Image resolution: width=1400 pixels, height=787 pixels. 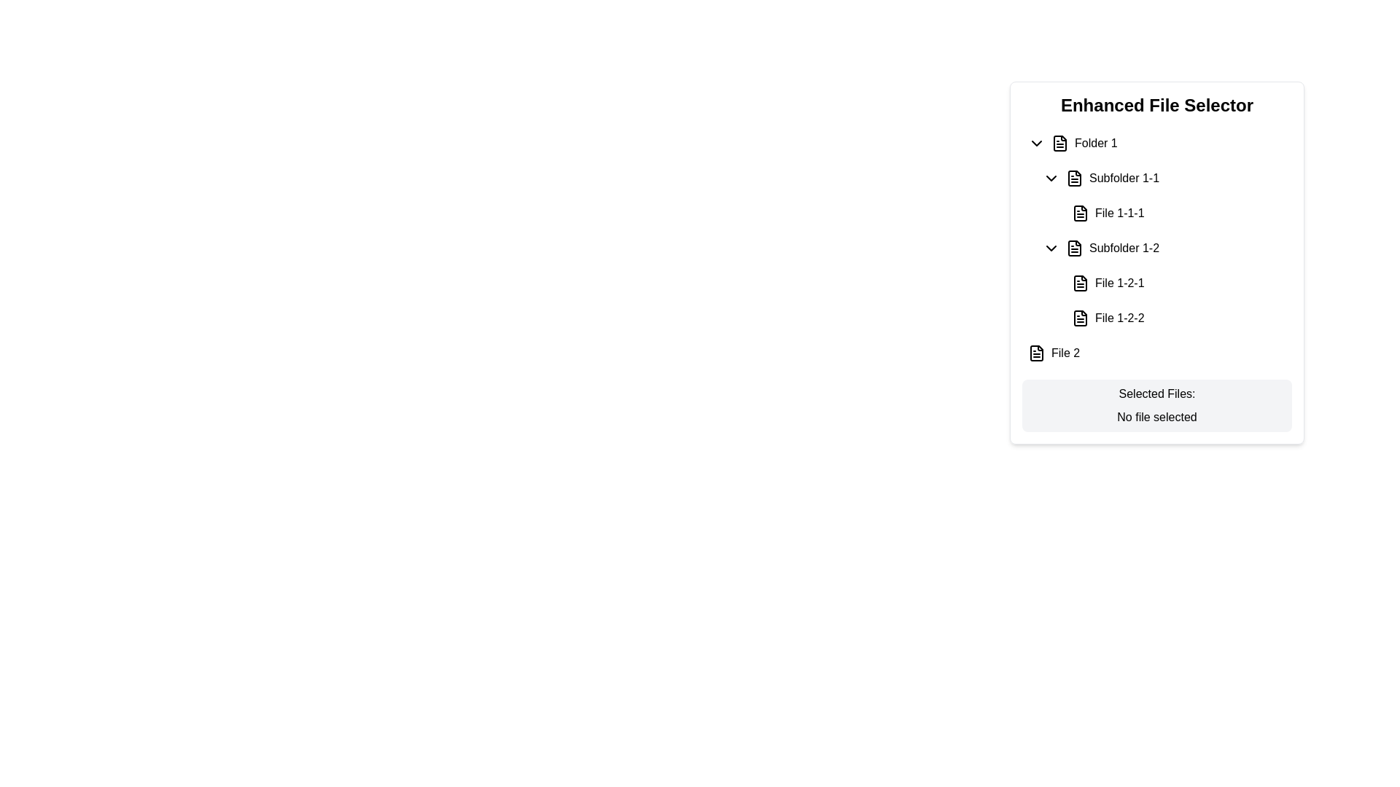 I want to click on the file icon representing 'Folder 1', so click(x=1060, y=143).